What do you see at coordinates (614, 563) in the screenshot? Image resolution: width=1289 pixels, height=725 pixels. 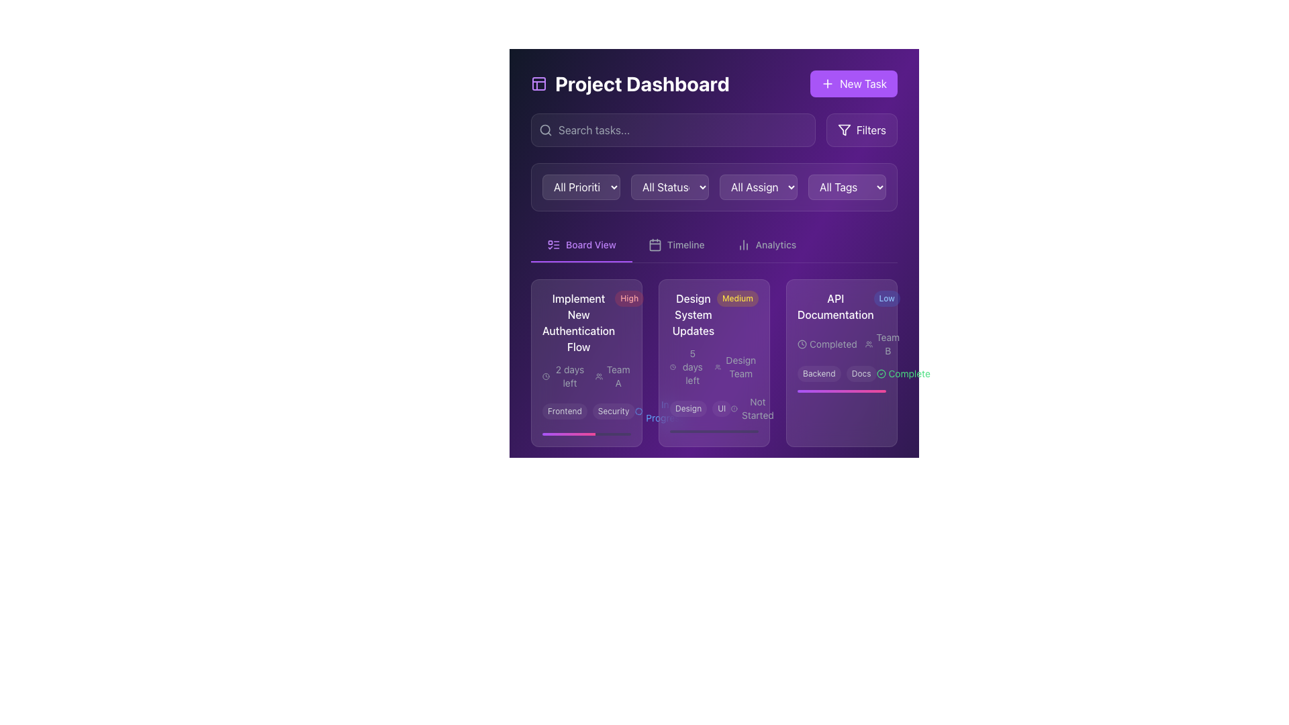 I see `the 'Backend' tag, which is a small, rounded rectangle located in the bottom right section of the 'API Documentation' card on the dashboard interface` at bounding box center [614, 563].